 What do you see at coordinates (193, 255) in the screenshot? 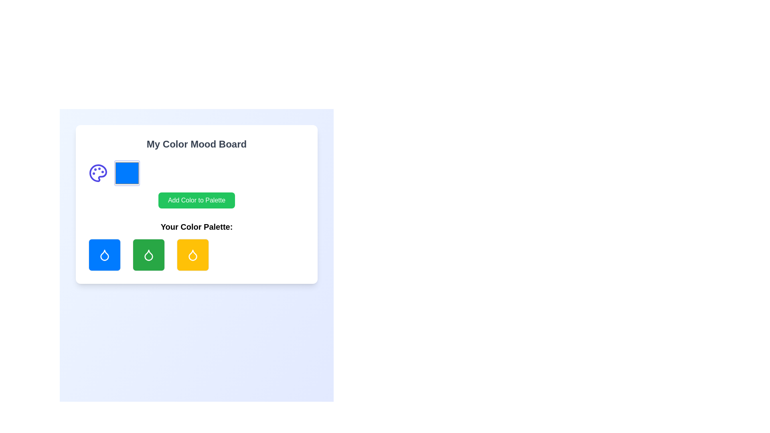
I see `the yellow square button with a white water droplet icon at its center, located in the 'Your Color Palette' section` at bounding box center [193, 255].